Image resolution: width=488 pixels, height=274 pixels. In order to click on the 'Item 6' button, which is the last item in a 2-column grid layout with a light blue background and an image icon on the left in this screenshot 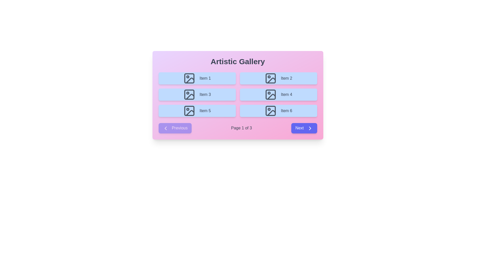, I will do `click(278, 110)`.